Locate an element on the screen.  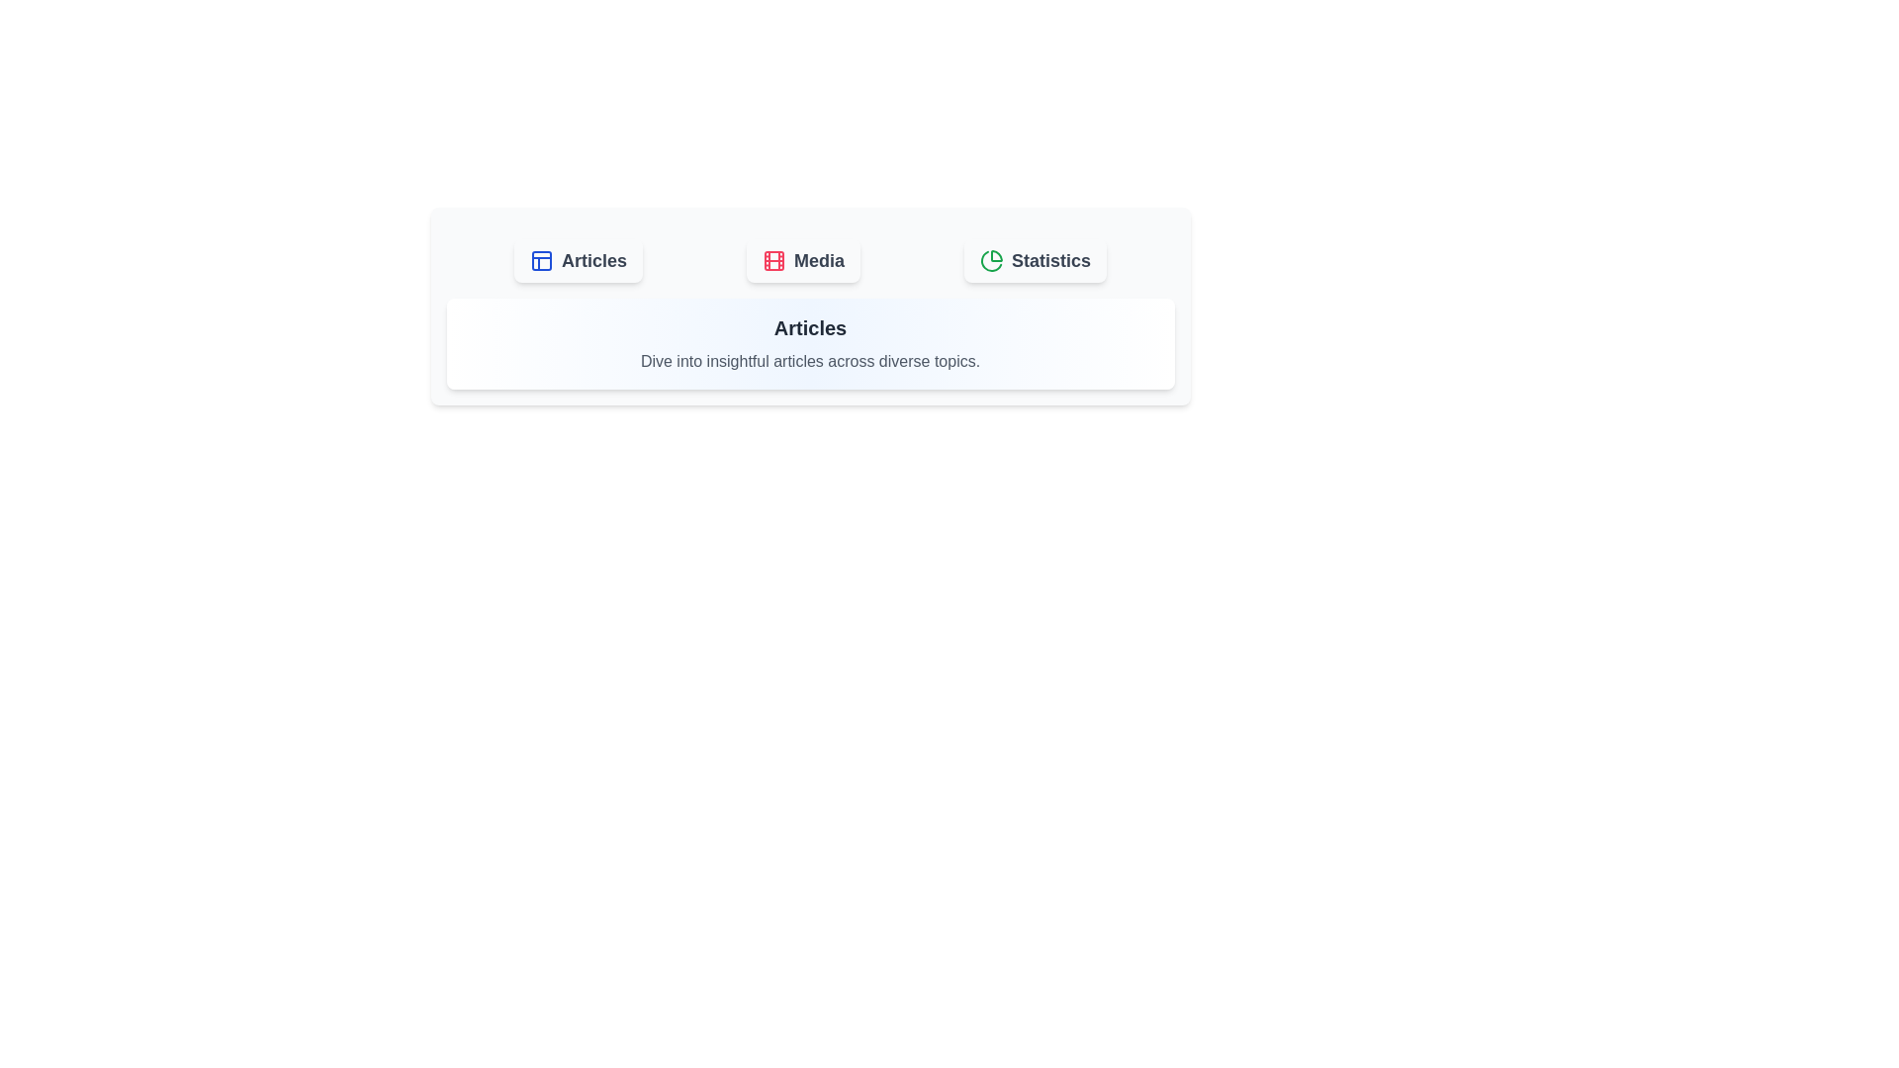
the Statistics tab to switch the displayed content is located at coordinates (1034, 259).